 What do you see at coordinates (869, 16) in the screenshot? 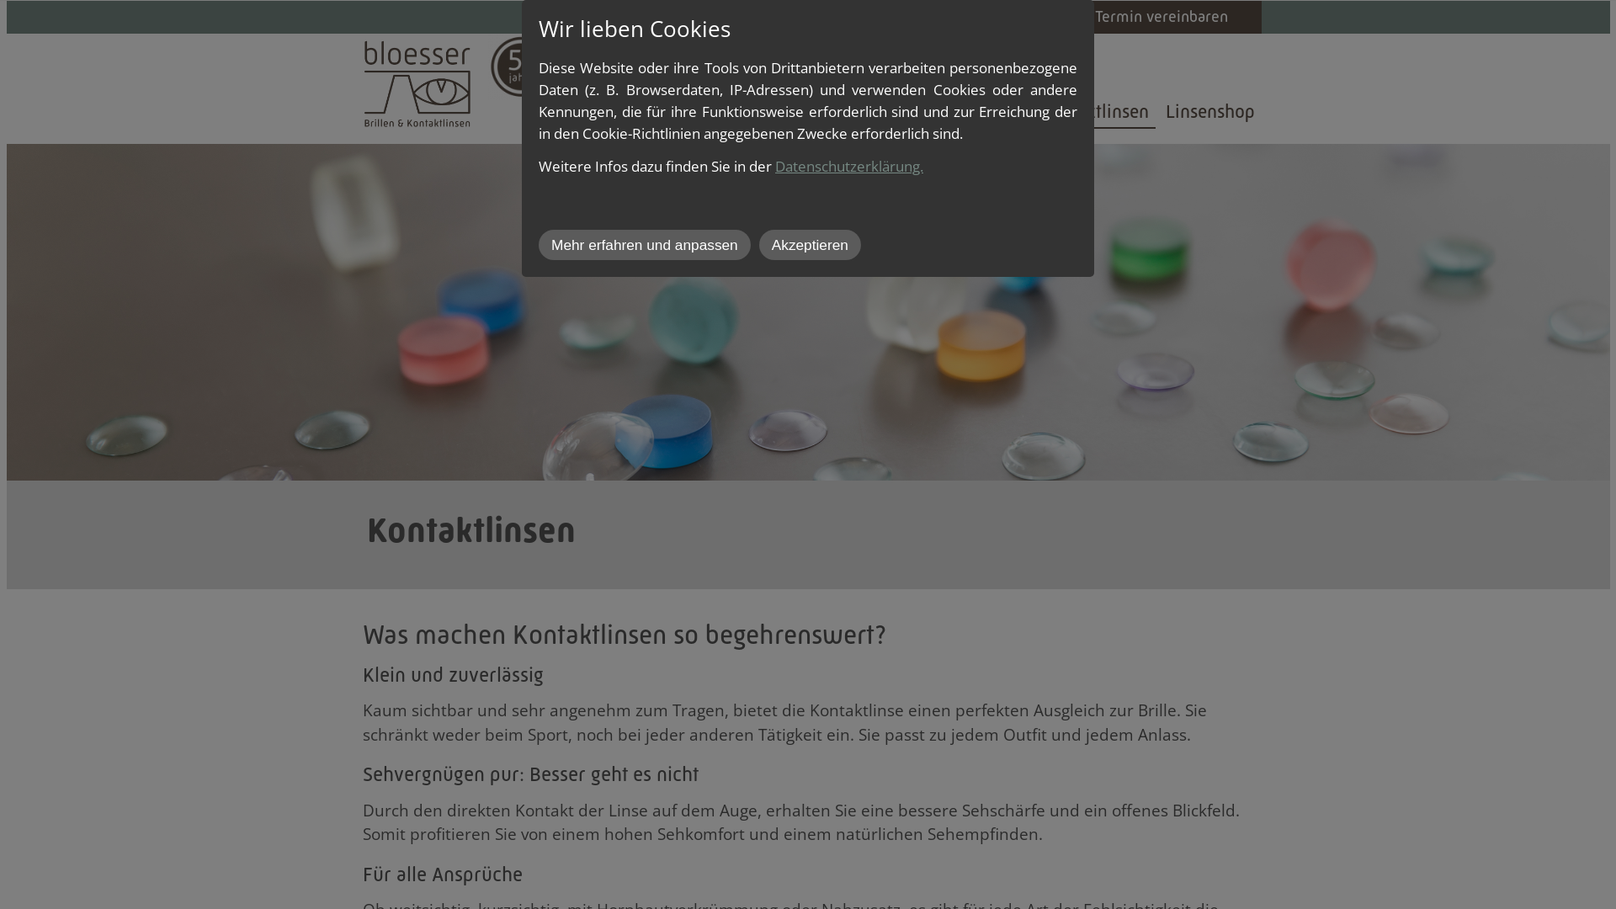
I see `'Aktuell'` at bounding box center [869, 16].